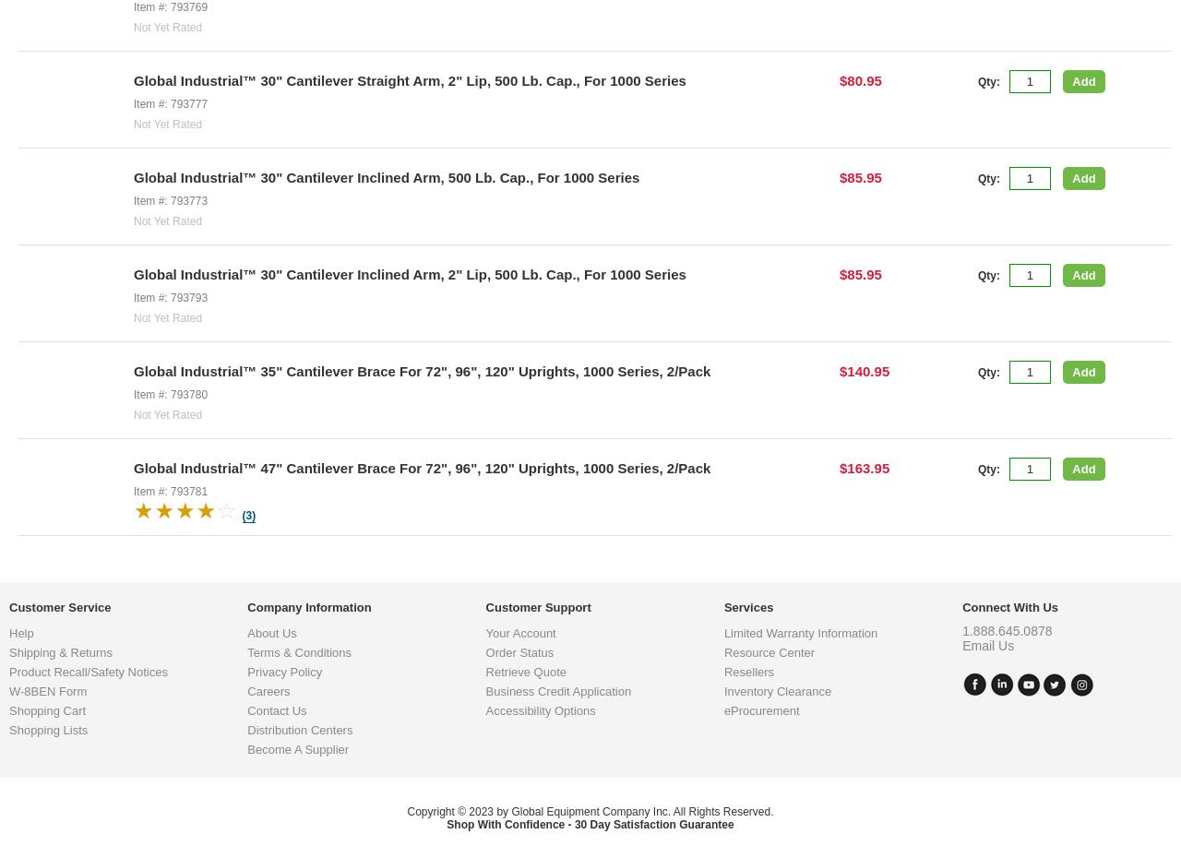 This screenshot has width=1181, height=858. I want to click on 'Careers', so click(267, 839).